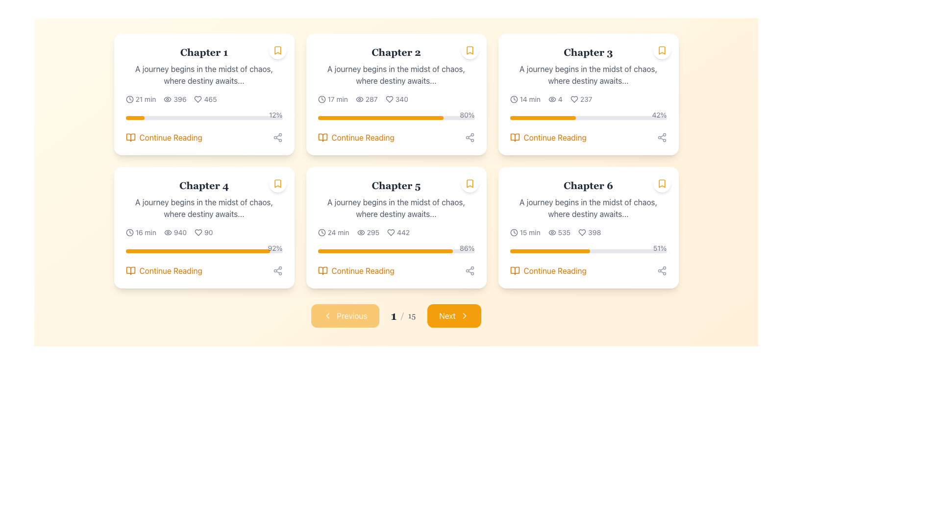 The height and width of the screenshot is (529, 941). Describe the element at coordinates (662, 183) in the screenshot. I see `the bookmark icon button located in the top-right corner of the 'Chapter 6' card to bookmark or unbookmark the chapter` at that location.